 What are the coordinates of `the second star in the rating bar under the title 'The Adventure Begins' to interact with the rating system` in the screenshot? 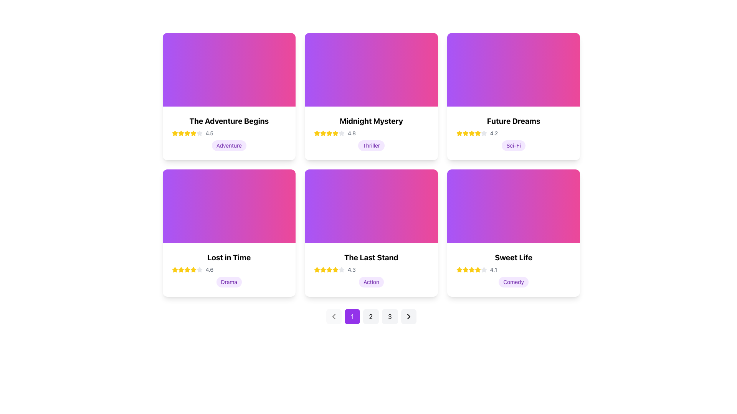 It's located at (180, 133).